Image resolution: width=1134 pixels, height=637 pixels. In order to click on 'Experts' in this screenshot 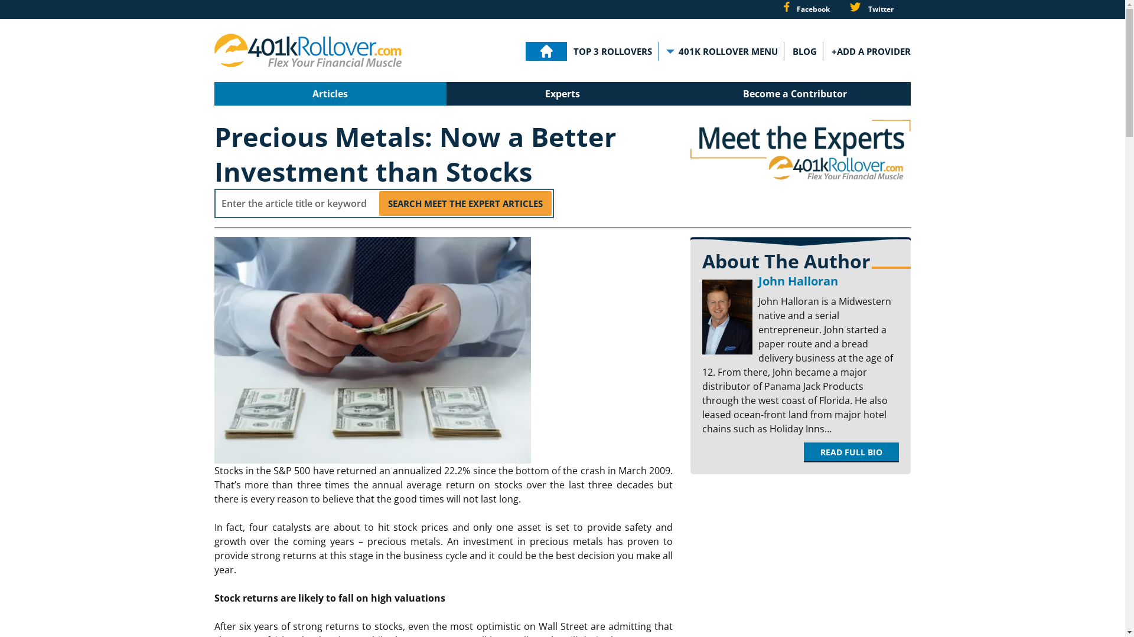, I will do `click(562, 93)`.